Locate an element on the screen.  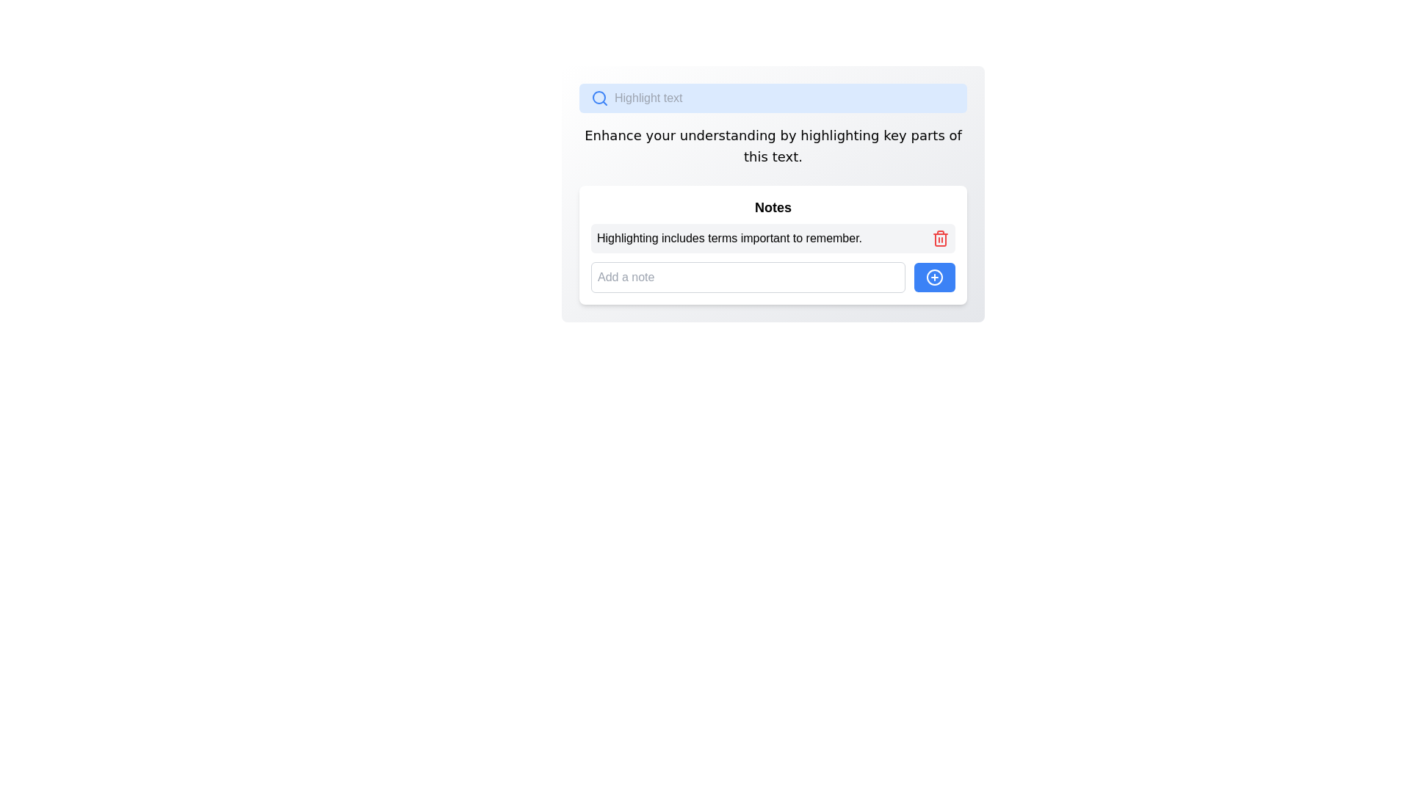
the centered multi-line Text Label, which is located below the blue search bar and above the Notes section is located at coordinates (772, 146).